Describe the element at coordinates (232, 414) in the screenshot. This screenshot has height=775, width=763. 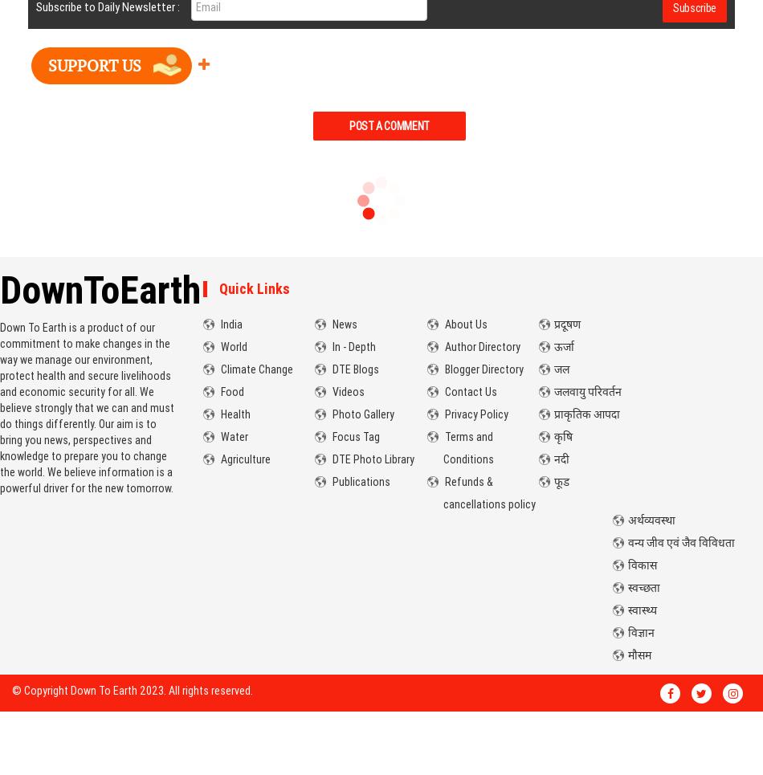
I see `'Health'` at that location.